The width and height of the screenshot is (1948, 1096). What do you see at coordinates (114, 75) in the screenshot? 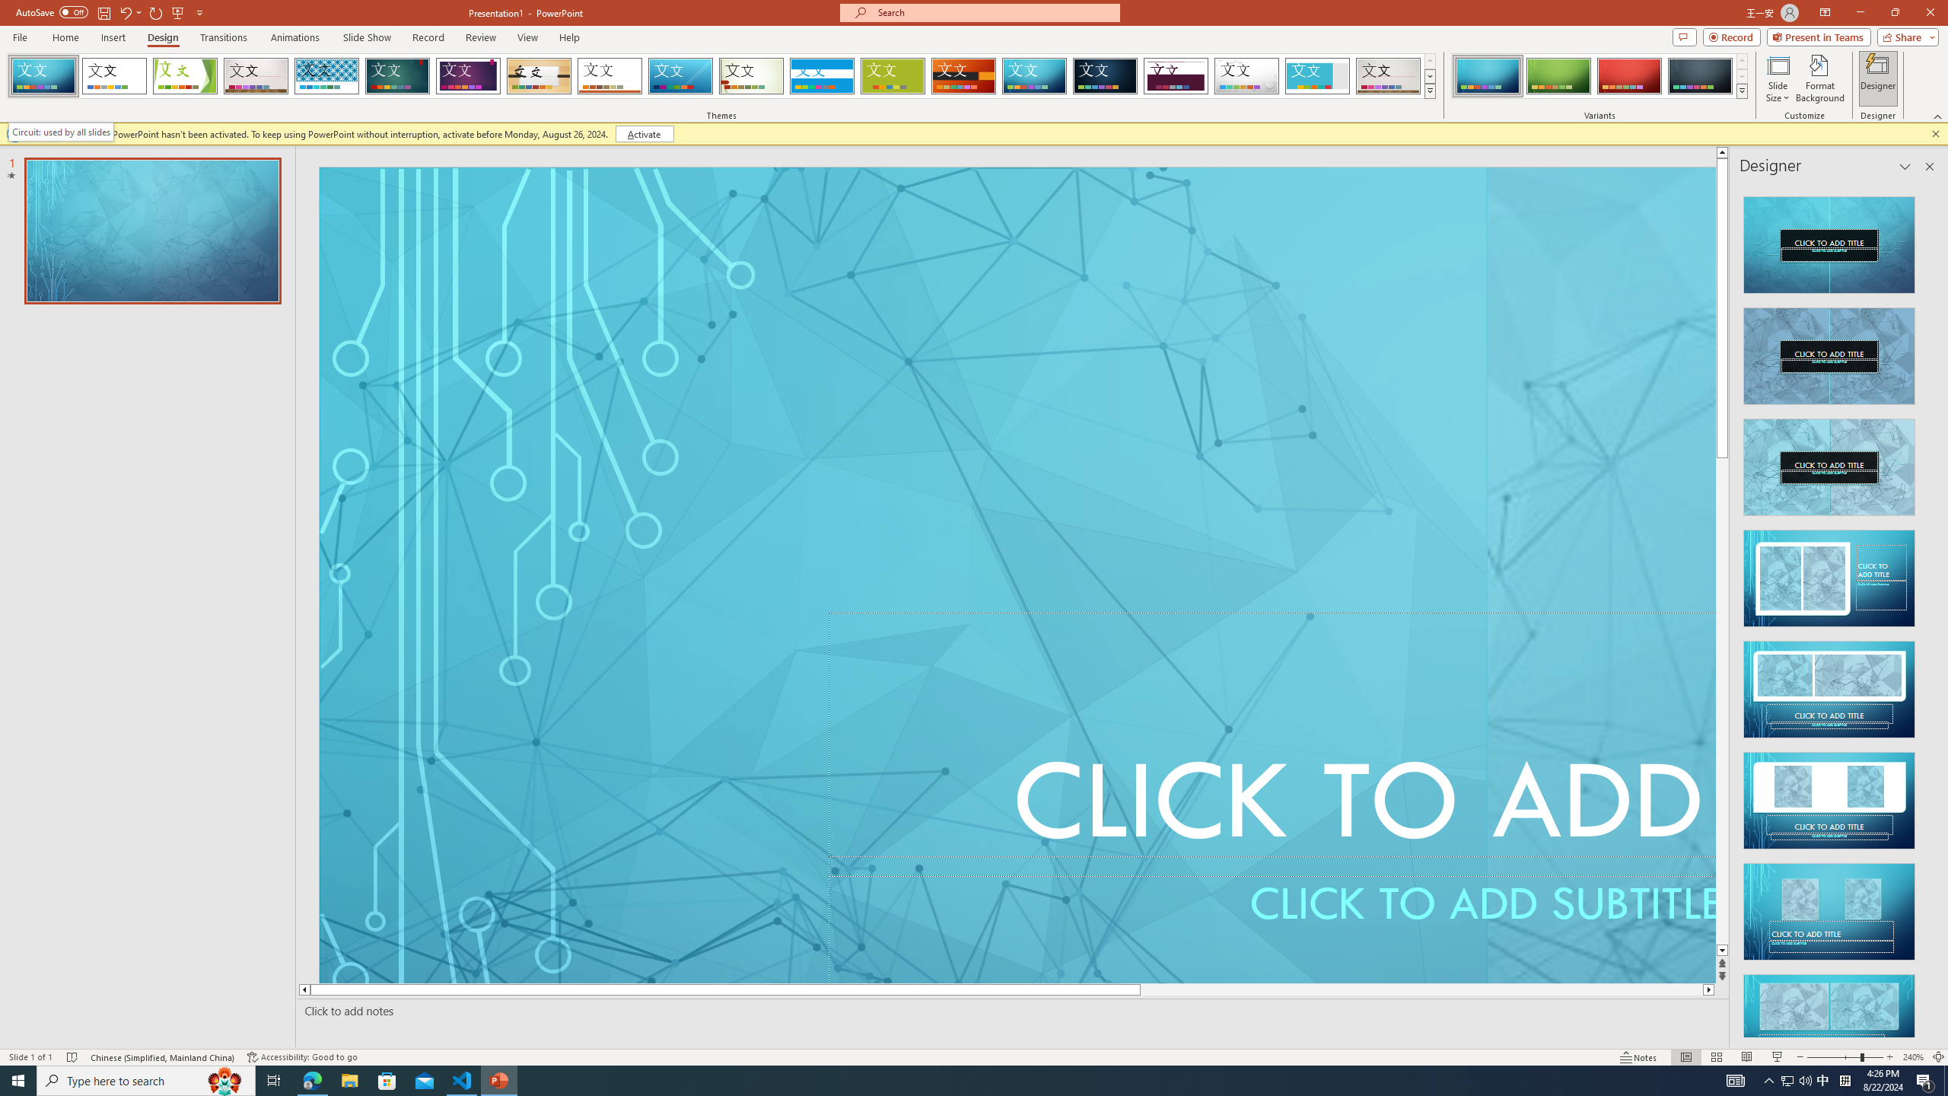
I see `'Office Theme'` at bounding box center [114, 75].